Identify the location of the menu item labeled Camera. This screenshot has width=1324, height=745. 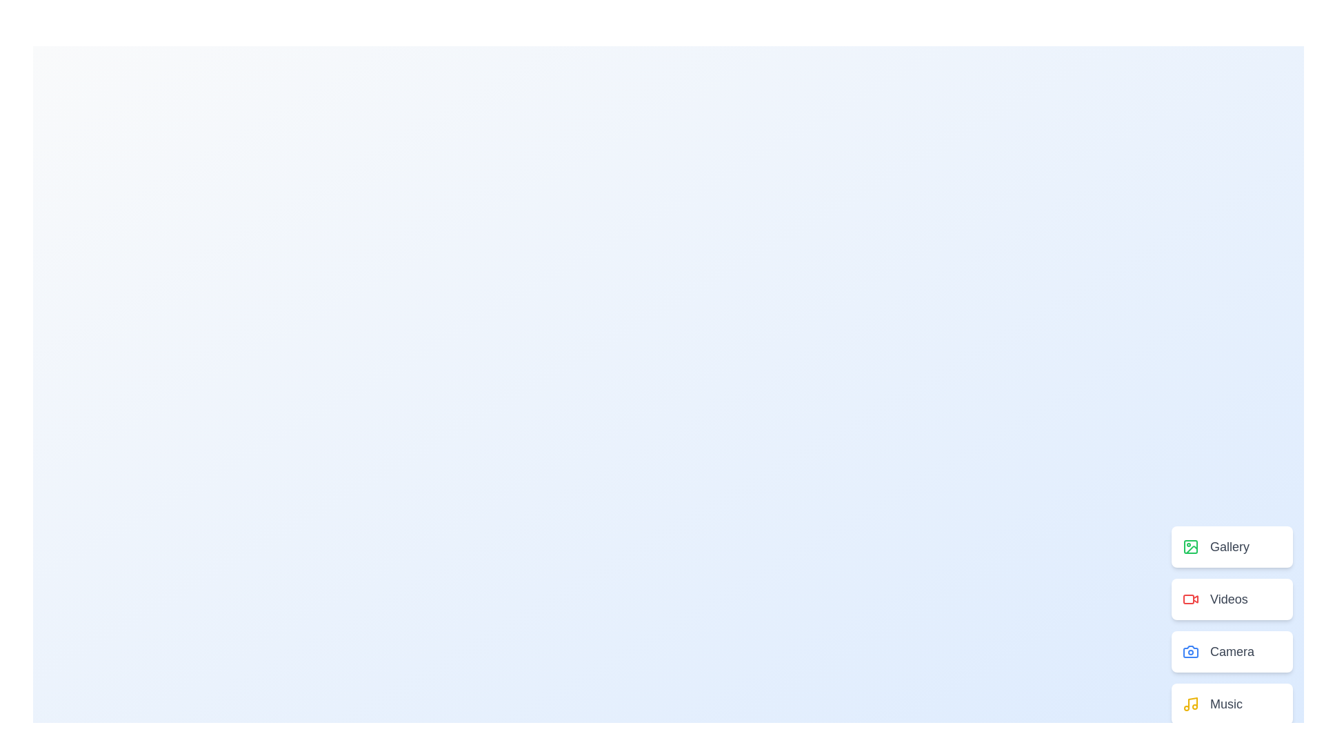
(1232, 652).